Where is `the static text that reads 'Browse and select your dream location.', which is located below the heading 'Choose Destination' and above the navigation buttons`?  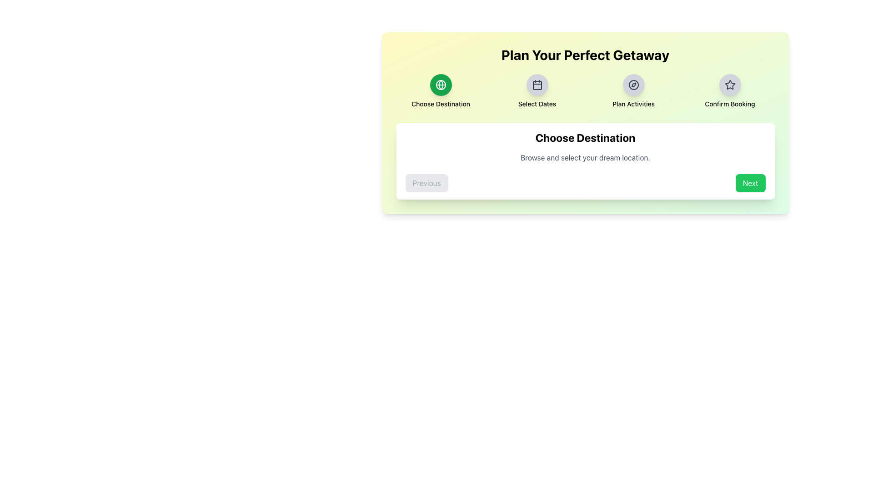 the static text that reads 'Browse and select your dream location.', which is located below the heading 'Choose Destination' and above the navigation buttons is located at coordinates (585, 157).